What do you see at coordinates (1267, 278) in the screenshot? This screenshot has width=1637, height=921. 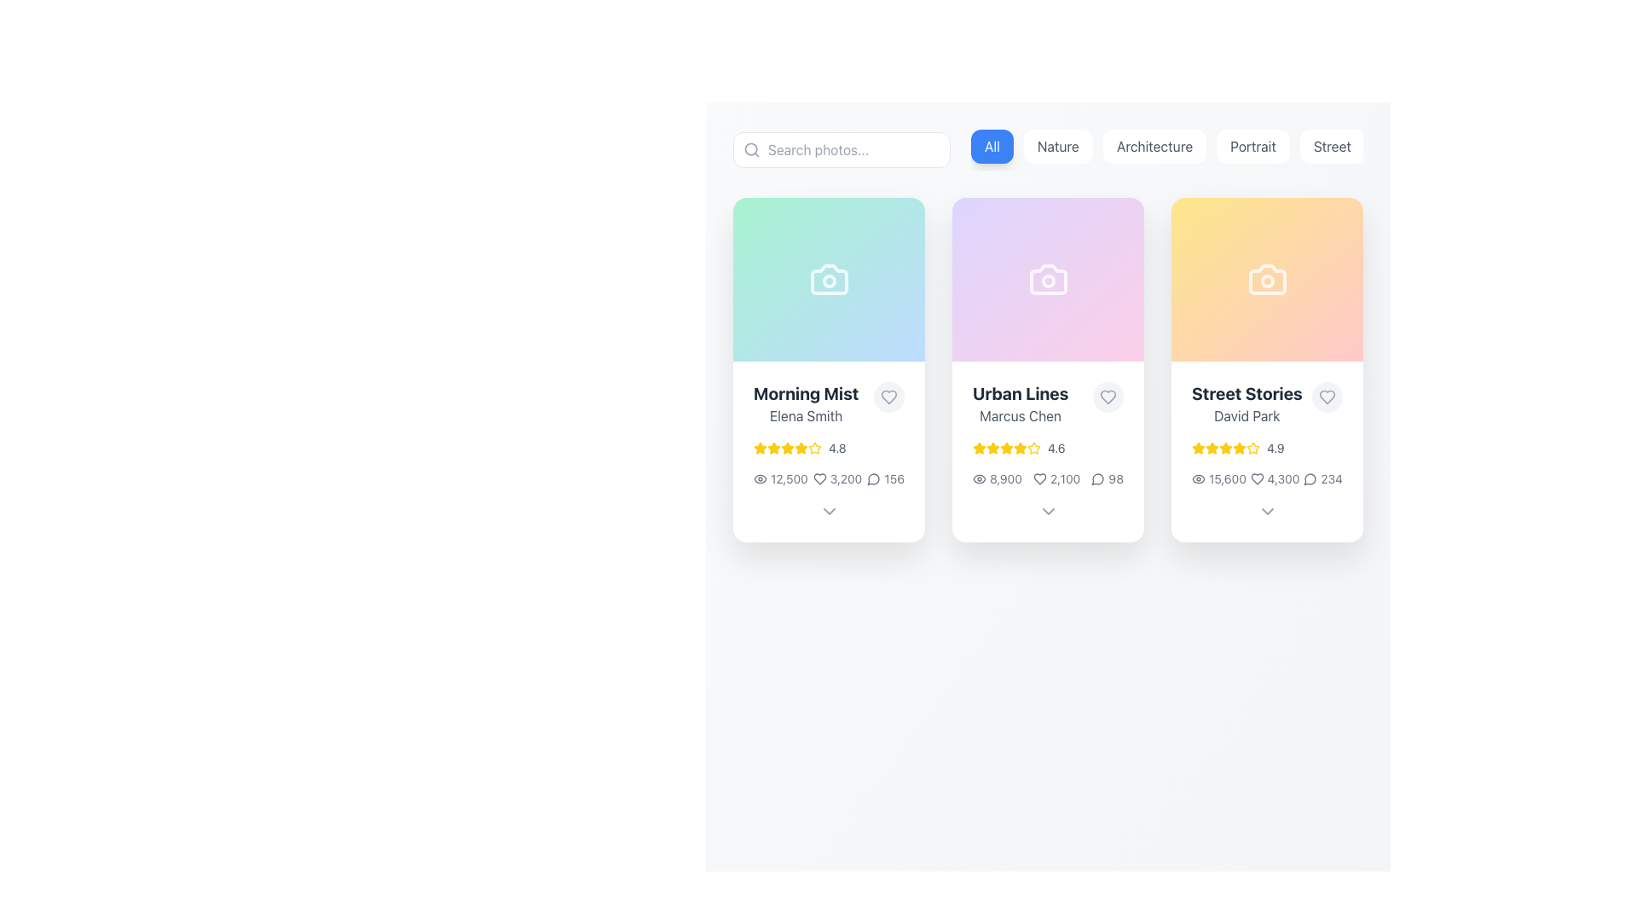 I see `the camera-themed icon located within the 'Street Stories' card, which is the third card from the left in a horizontal row` at bounding box center [1267, 278].